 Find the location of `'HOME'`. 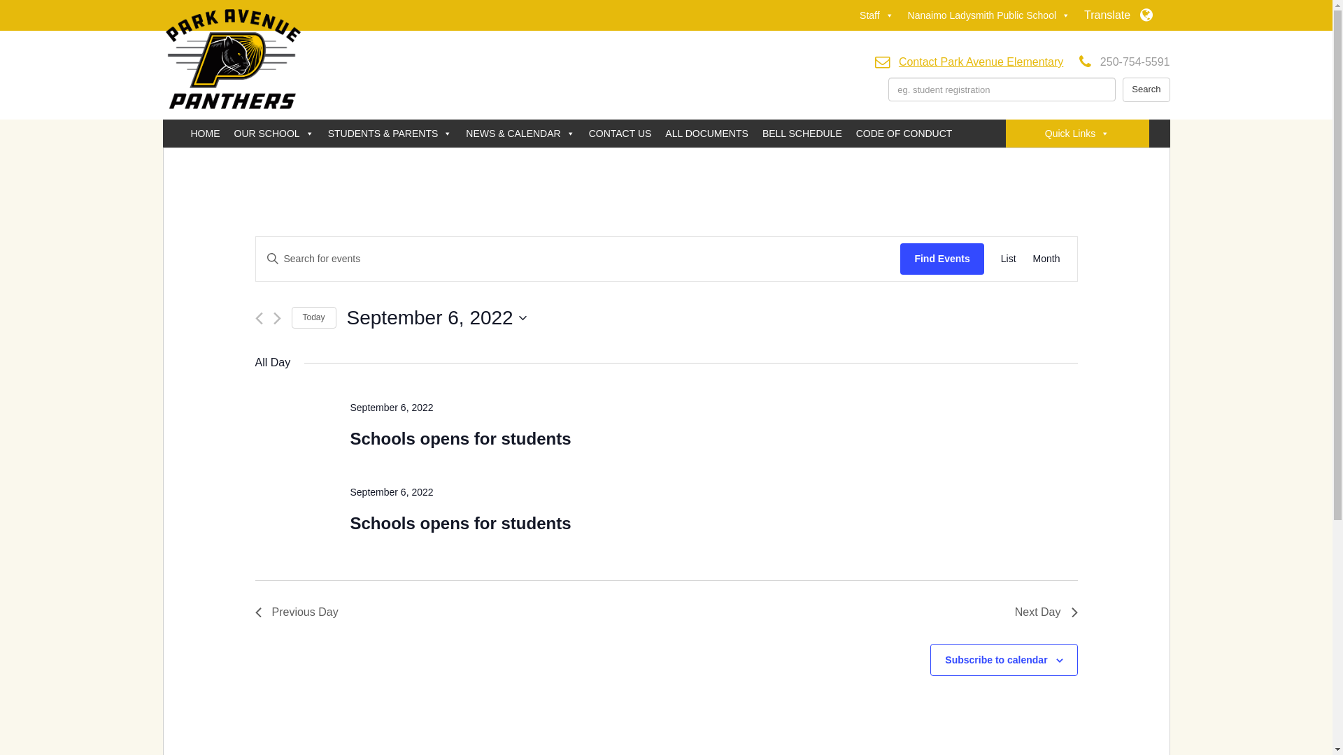

'HOME' is located at coordinates (204, 134).